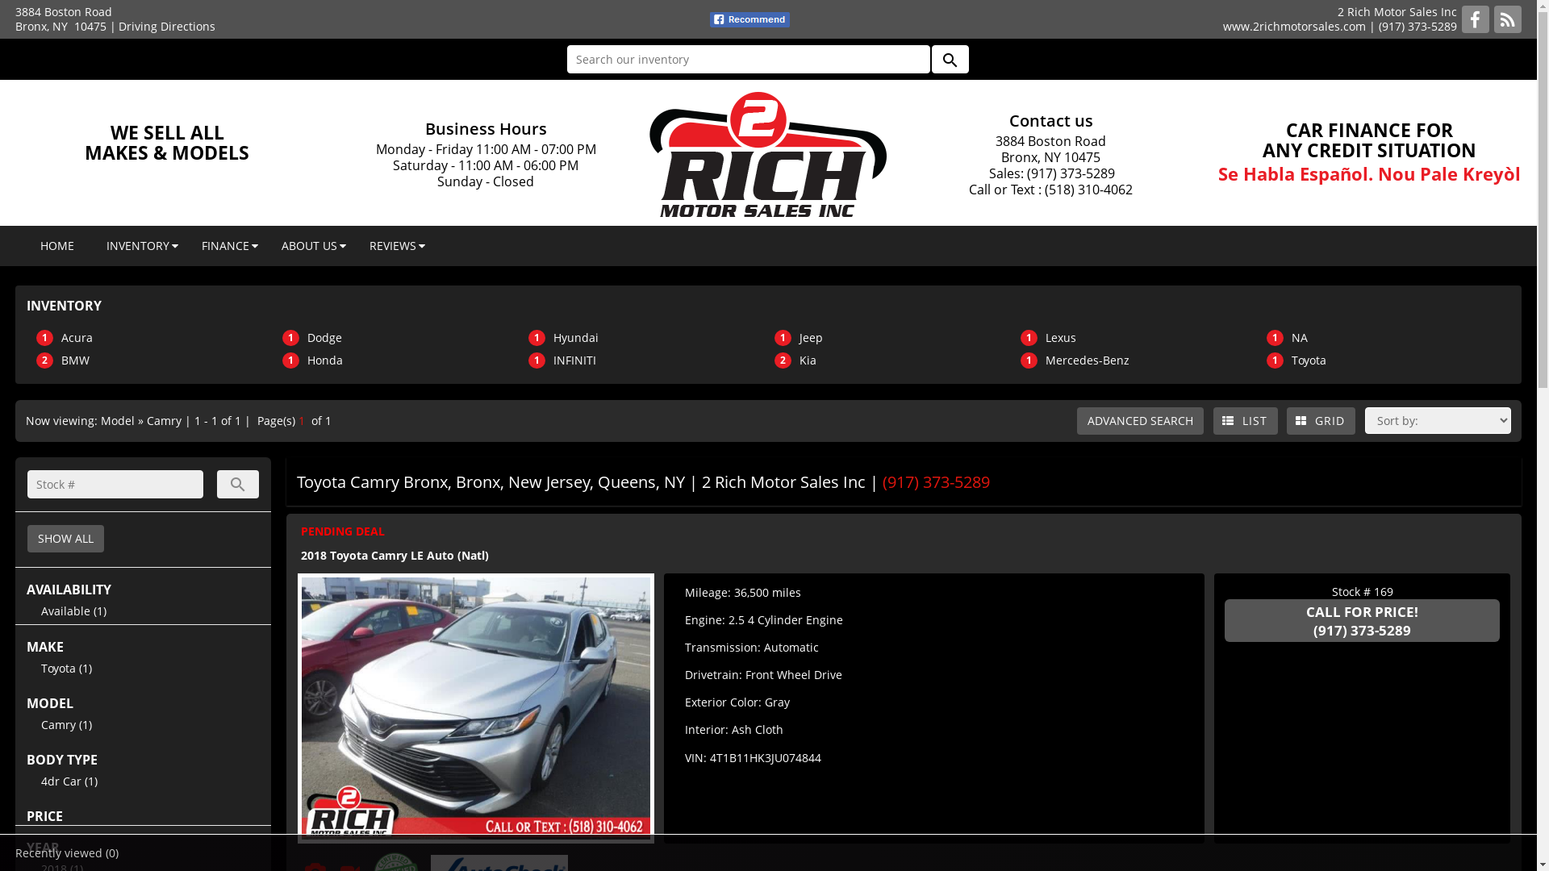 The image size is (1549, 871). I want to click on 'GRID', so click(1321, 419).